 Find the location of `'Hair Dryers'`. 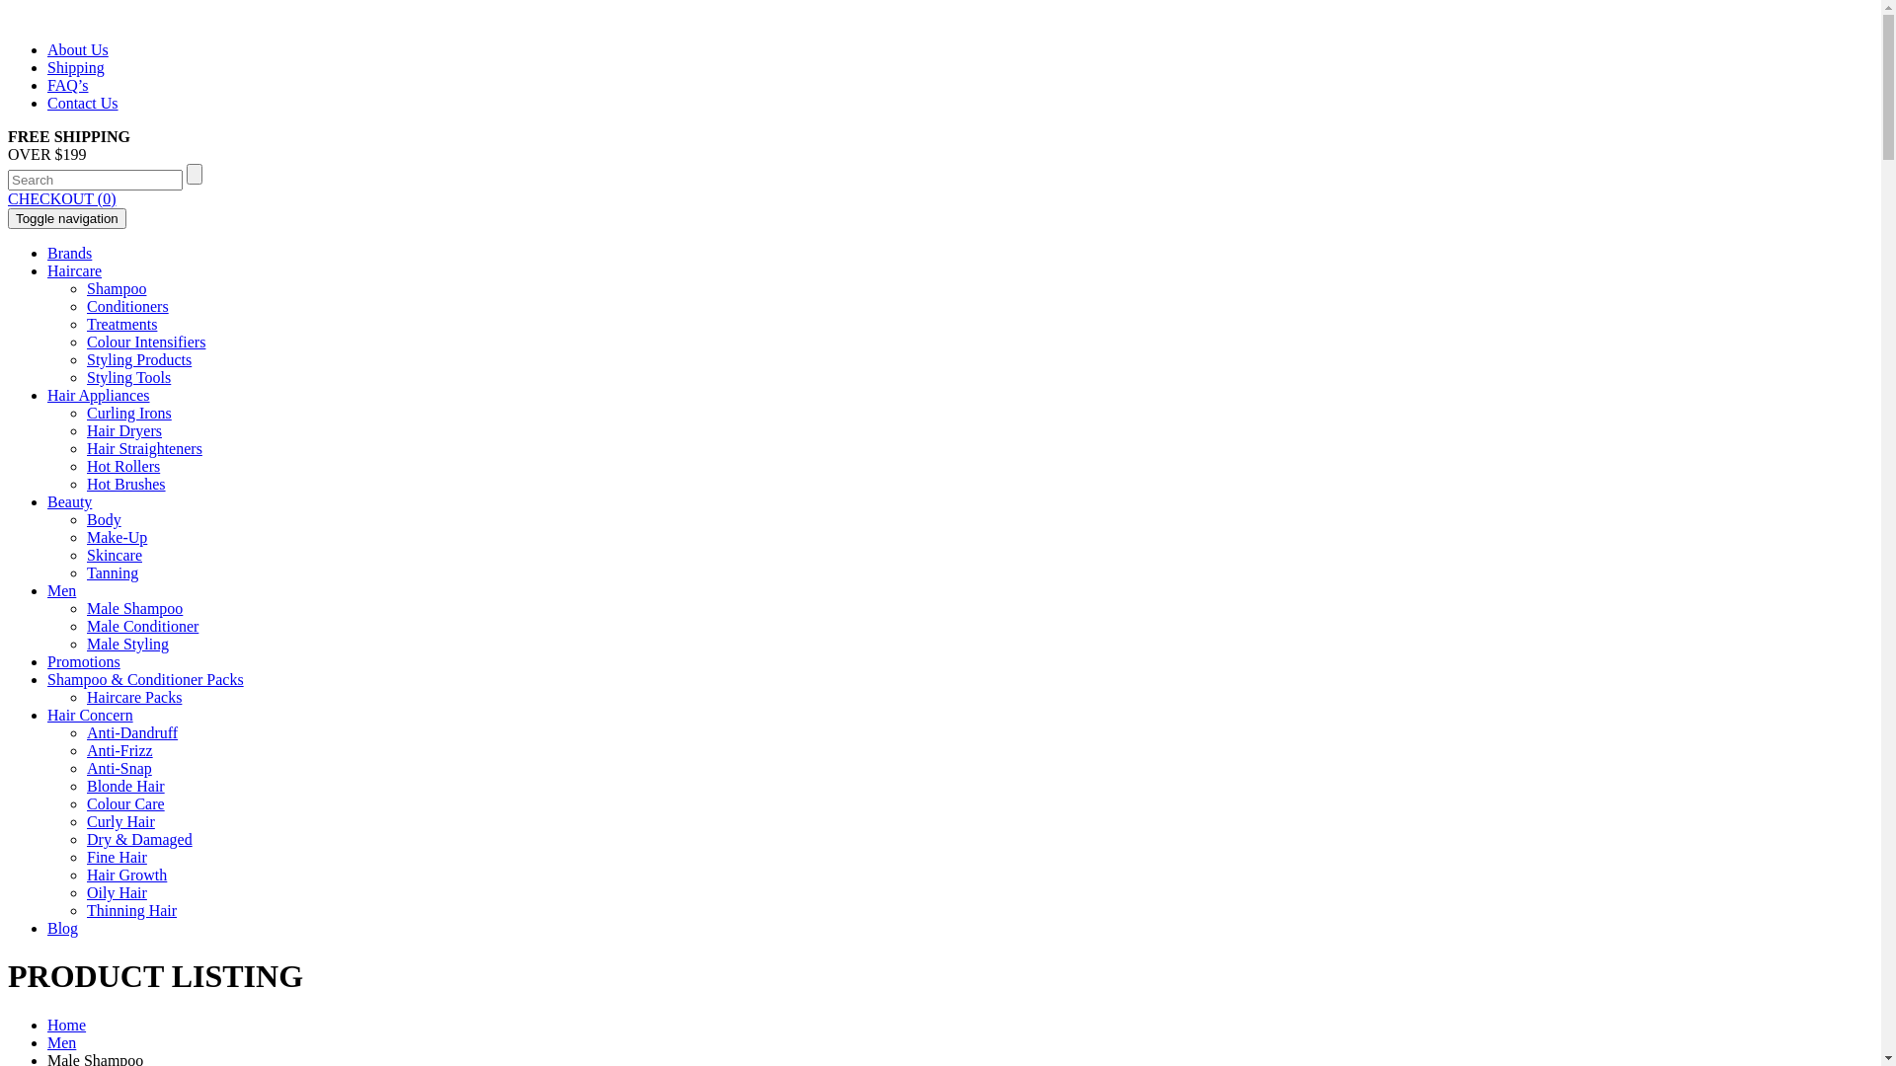

'Hair Dryers' is located at coordinates (122, 429).